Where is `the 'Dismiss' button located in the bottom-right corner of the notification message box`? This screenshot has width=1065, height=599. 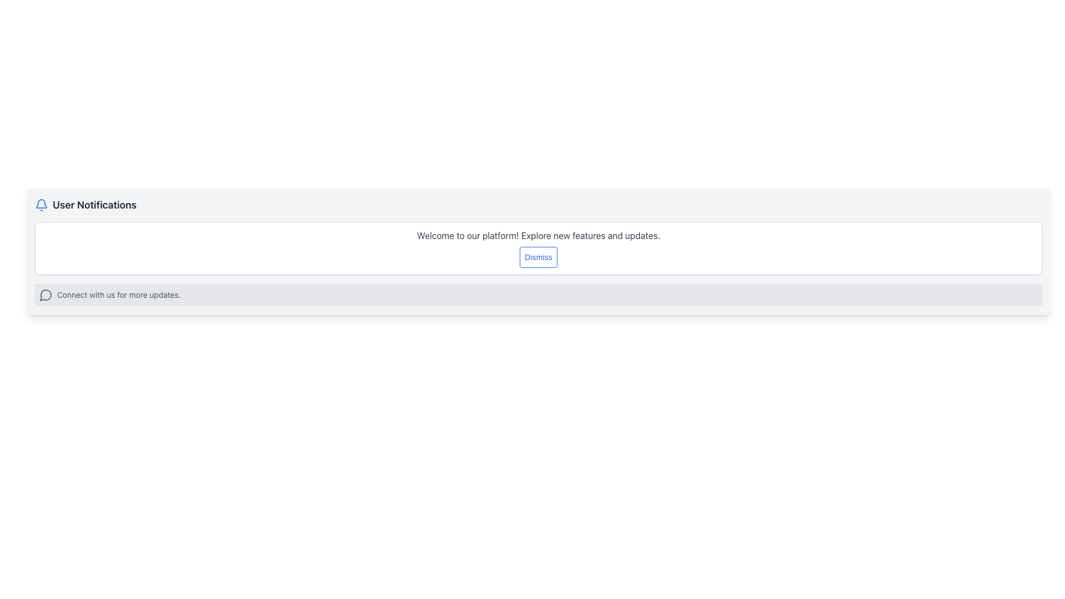
the 'Dismiss' button located in the bottom-right corner of the notification message box is located at coordinates (538, 257).